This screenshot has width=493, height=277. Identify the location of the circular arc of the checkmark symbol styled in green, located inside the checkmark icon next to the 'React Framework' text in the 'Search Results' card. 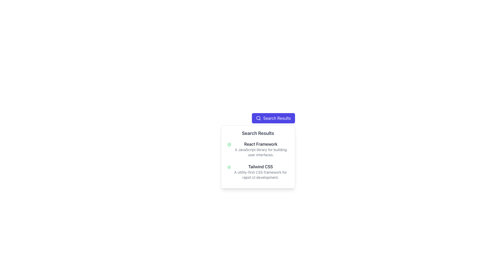
(229, 167).